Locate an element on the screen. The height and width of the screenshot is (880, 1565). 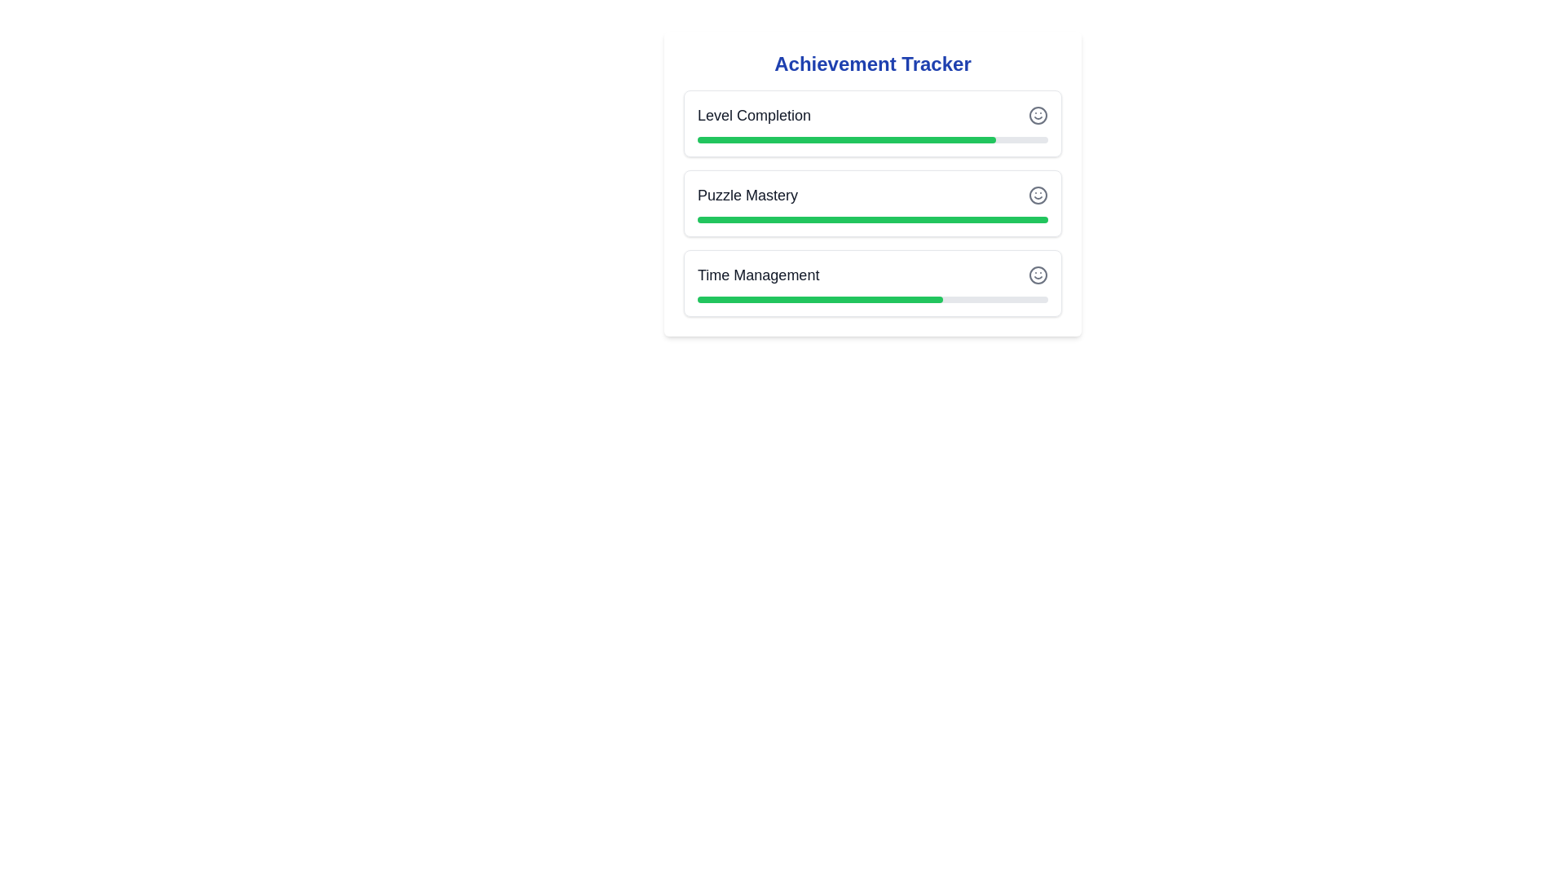
the progress bar representing the completion status for the 'Puzzle Mastery' task, located below the title within a bordered card section is located at coordinates (871, 220).